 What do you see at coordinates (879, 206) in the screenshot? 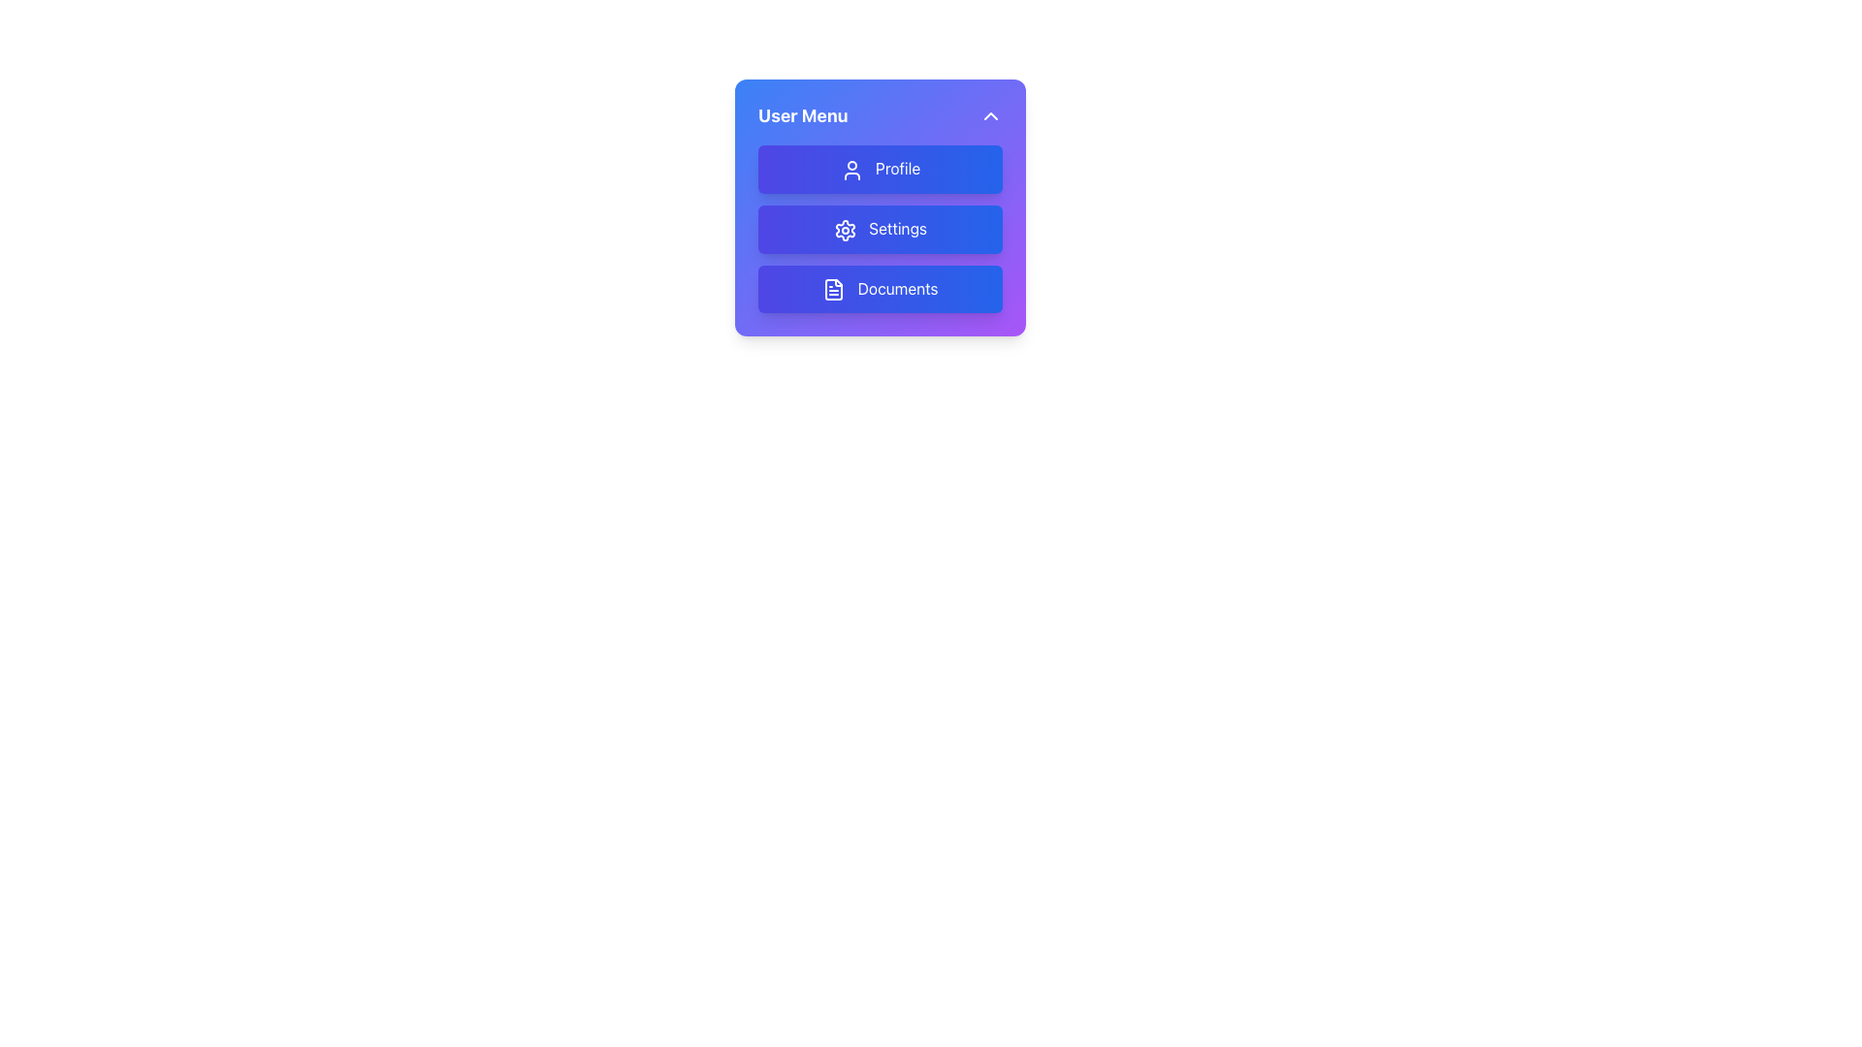
I see `the 'Settings' button` at bounding box center [879, 206].